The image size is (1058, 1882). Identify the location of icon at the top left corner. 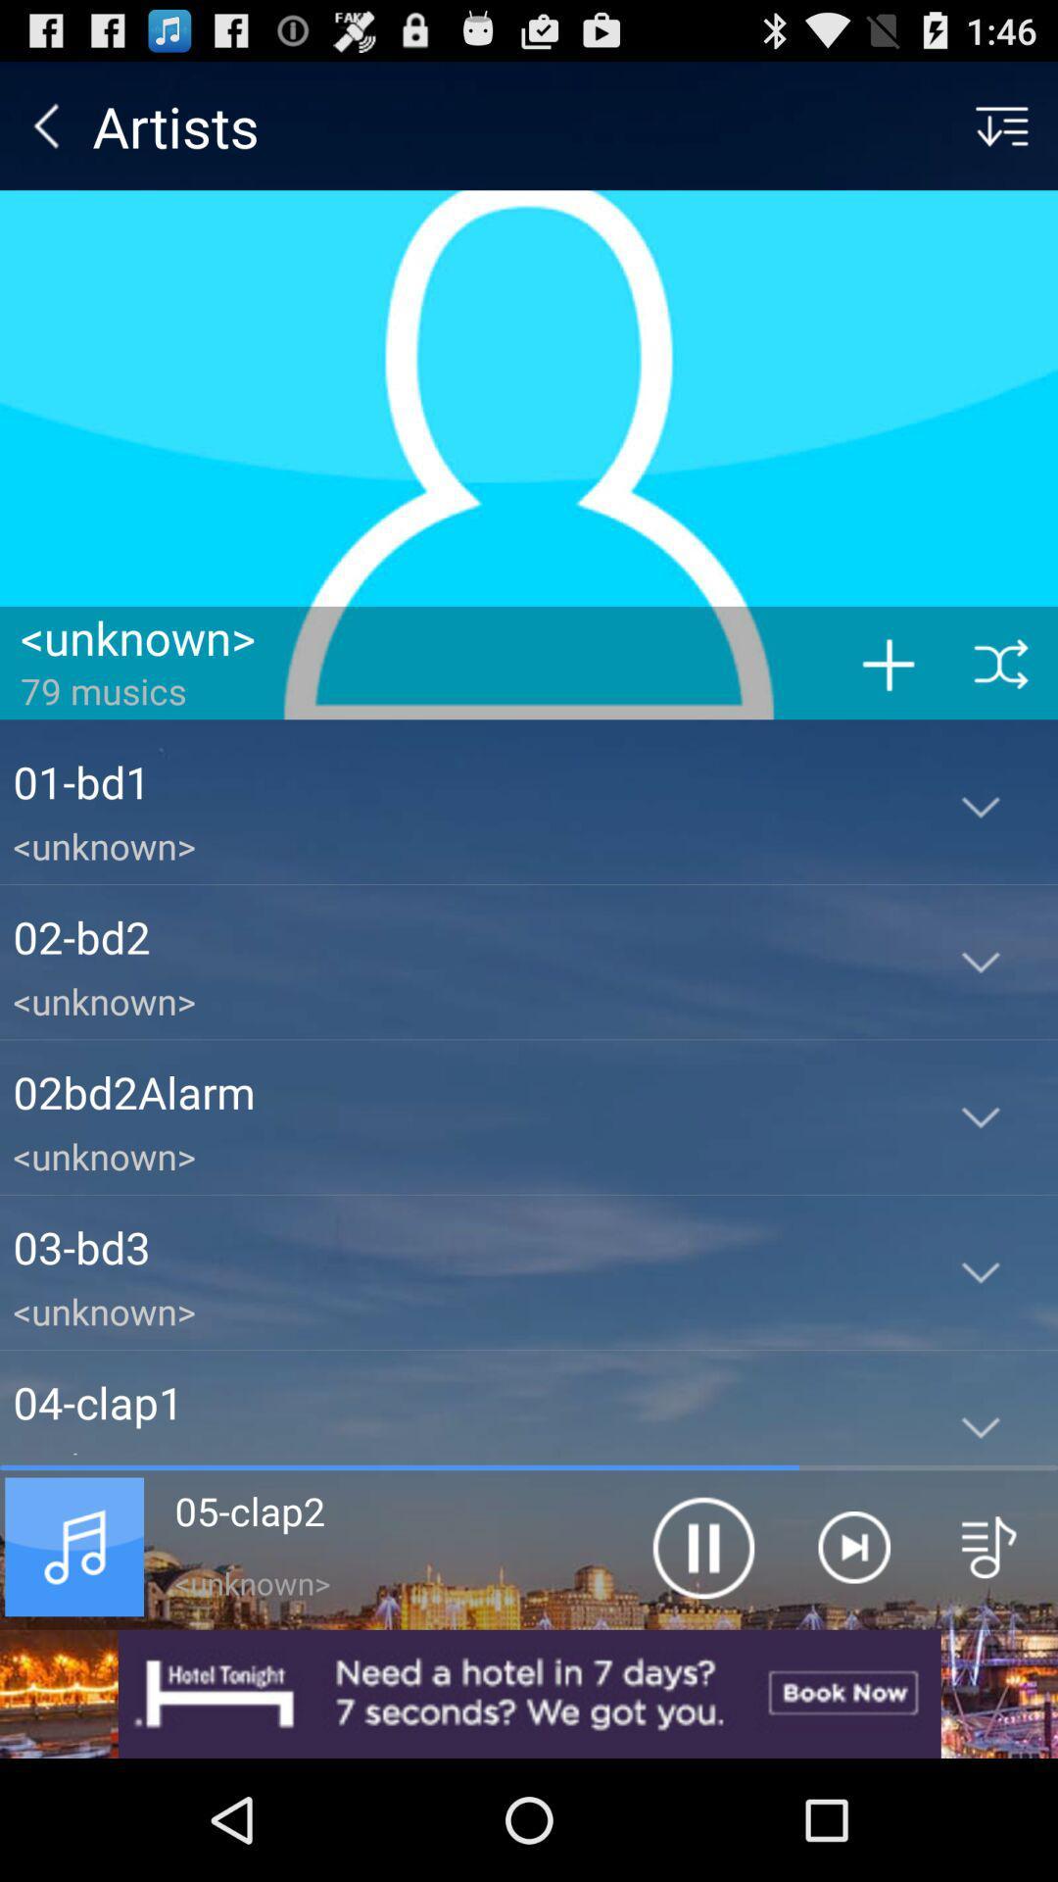
(45, 124).